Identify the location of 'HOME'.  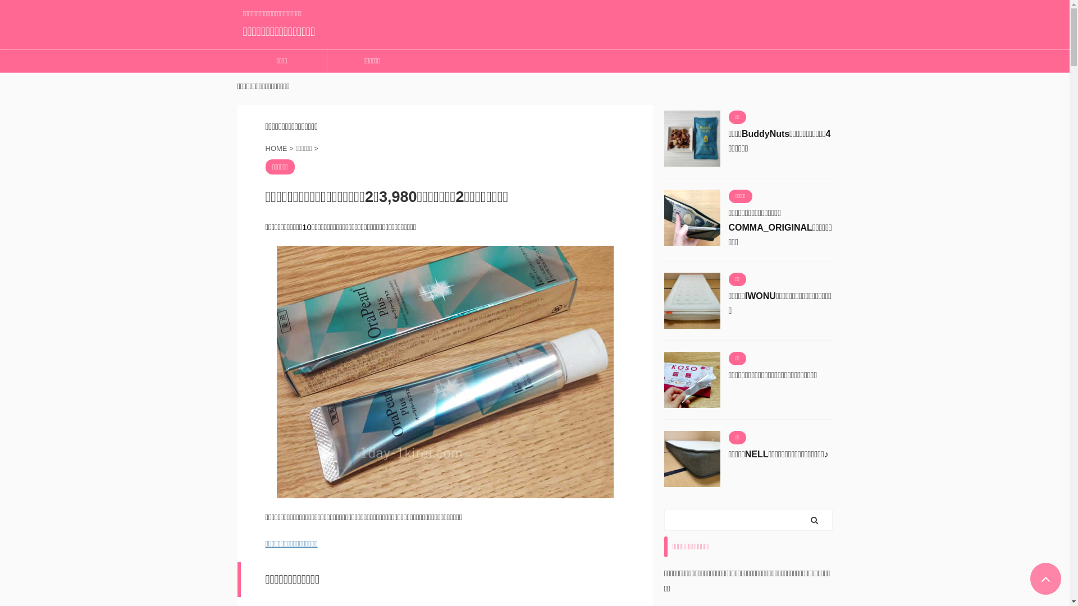
(277, 147).